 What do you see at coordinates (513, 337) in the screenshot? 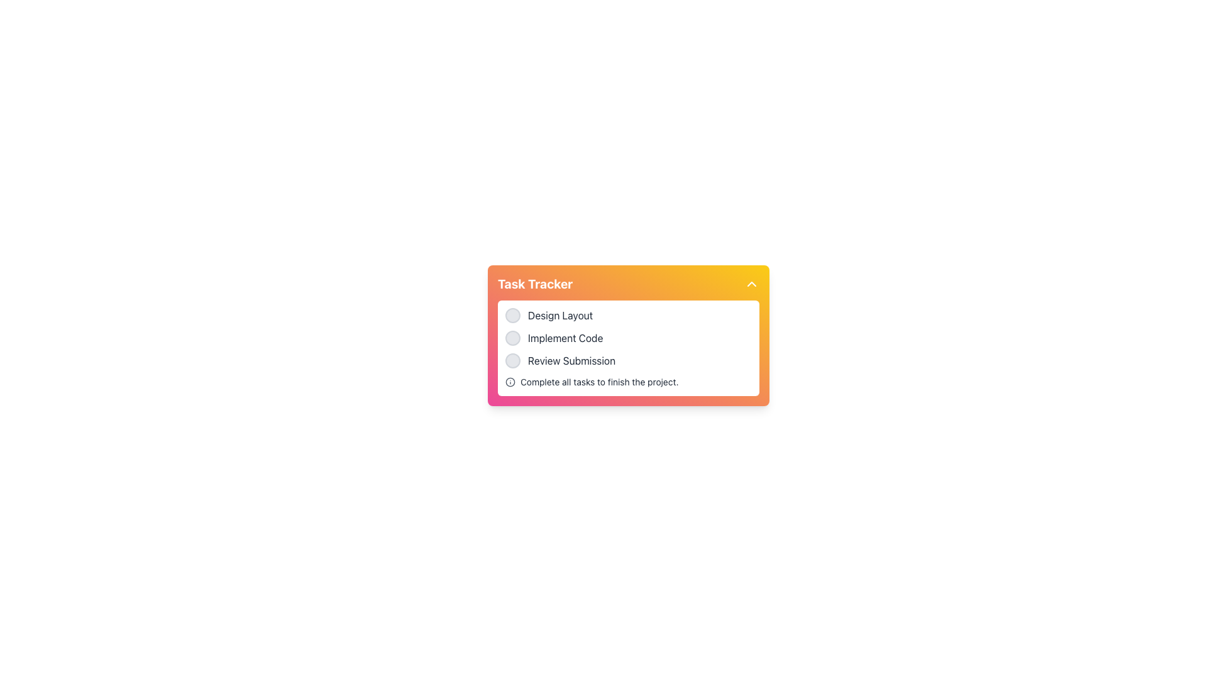
I see `the checkbox, which is a small circular UI element with a light gray background and gray border, located to the left of the text 'Implement Code'` at bounding box center [513, 337].